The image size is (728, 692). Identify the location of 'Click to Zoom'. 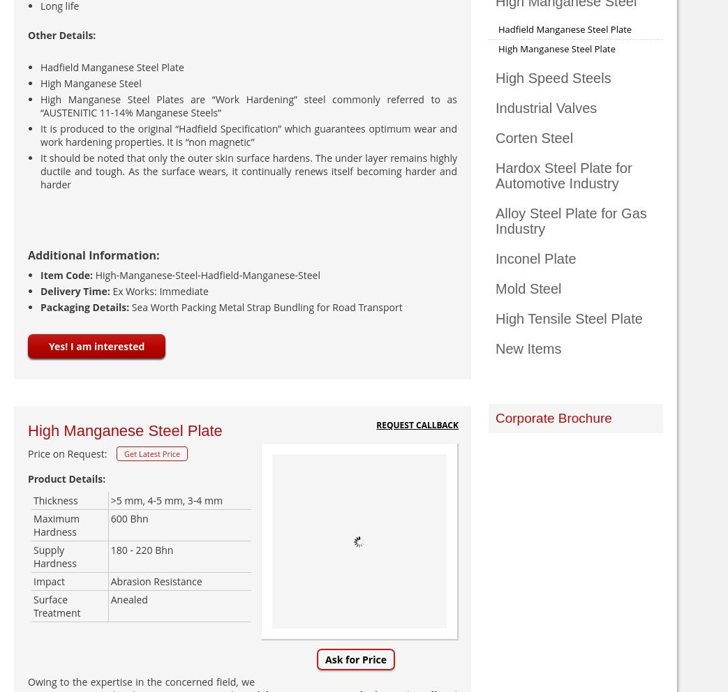
(358, 638).